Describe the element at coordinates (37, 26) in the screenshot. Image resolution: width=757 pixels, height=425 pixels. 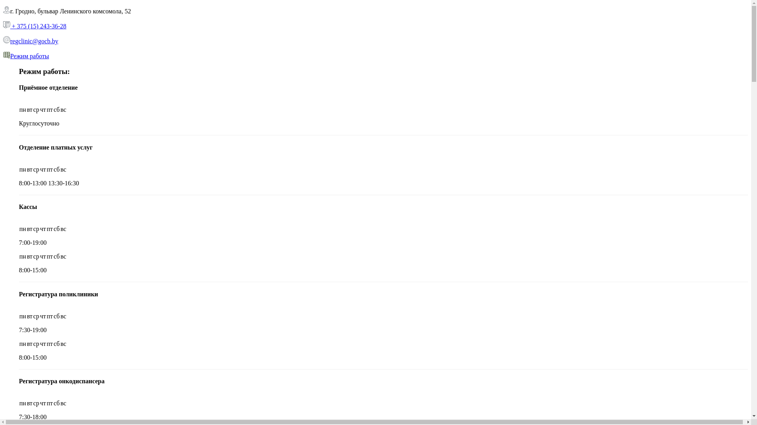
I see `'+ 375 (15) 243-36-28'` at that location.